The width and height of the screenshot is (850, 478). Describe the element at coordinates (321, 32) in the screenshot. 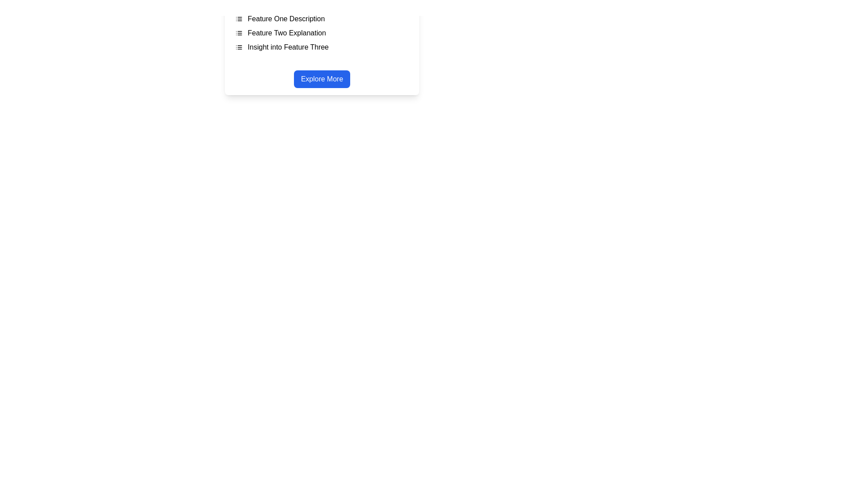

I see `the list item containing the text 'Feature Two Explanation' with a bulleted list icon to its left` at that location.